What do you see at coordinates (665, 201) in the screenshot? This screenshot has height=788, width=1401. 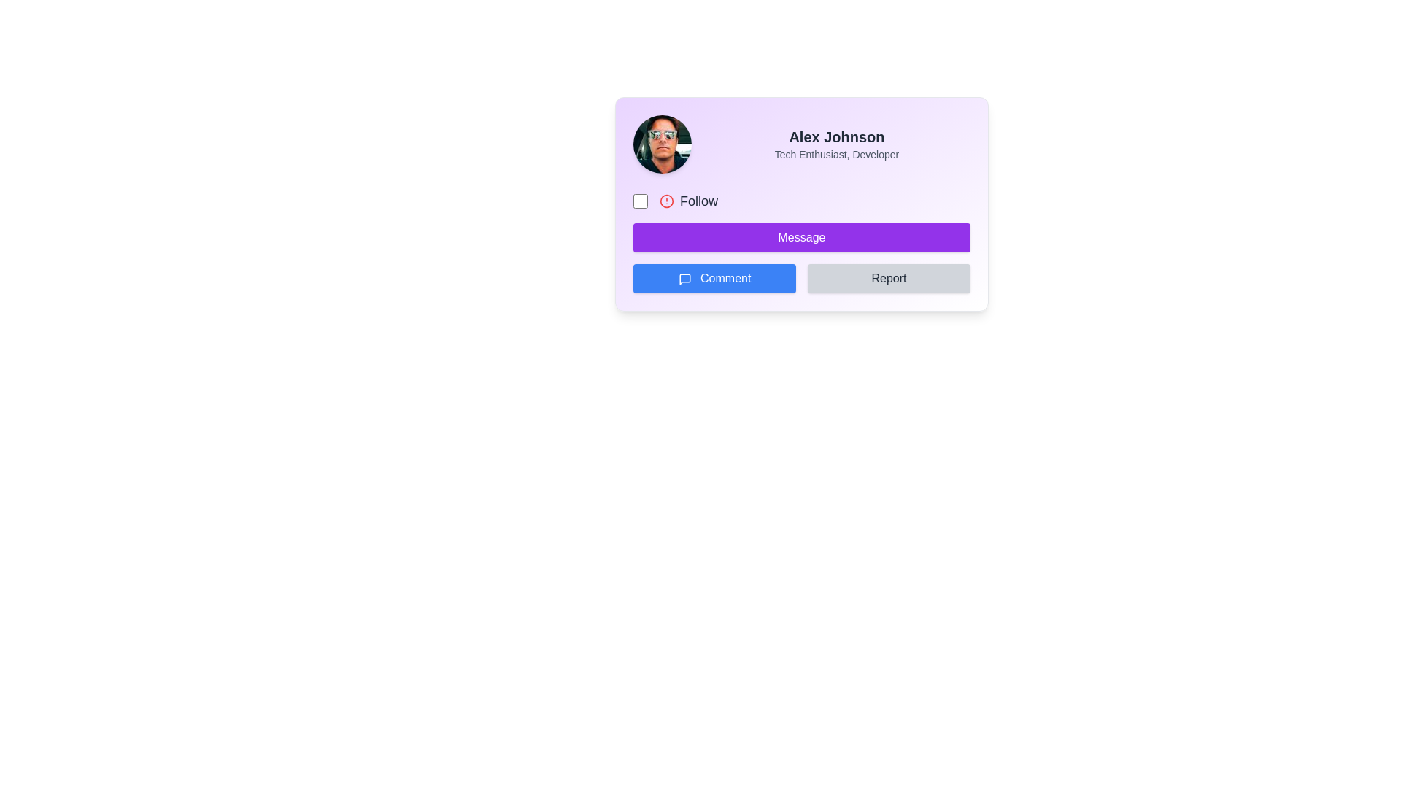 I see `the SVG Circle element that serves as a visual indicator within the 'Follow' checkbox icon` at bounding box center [665, 201].